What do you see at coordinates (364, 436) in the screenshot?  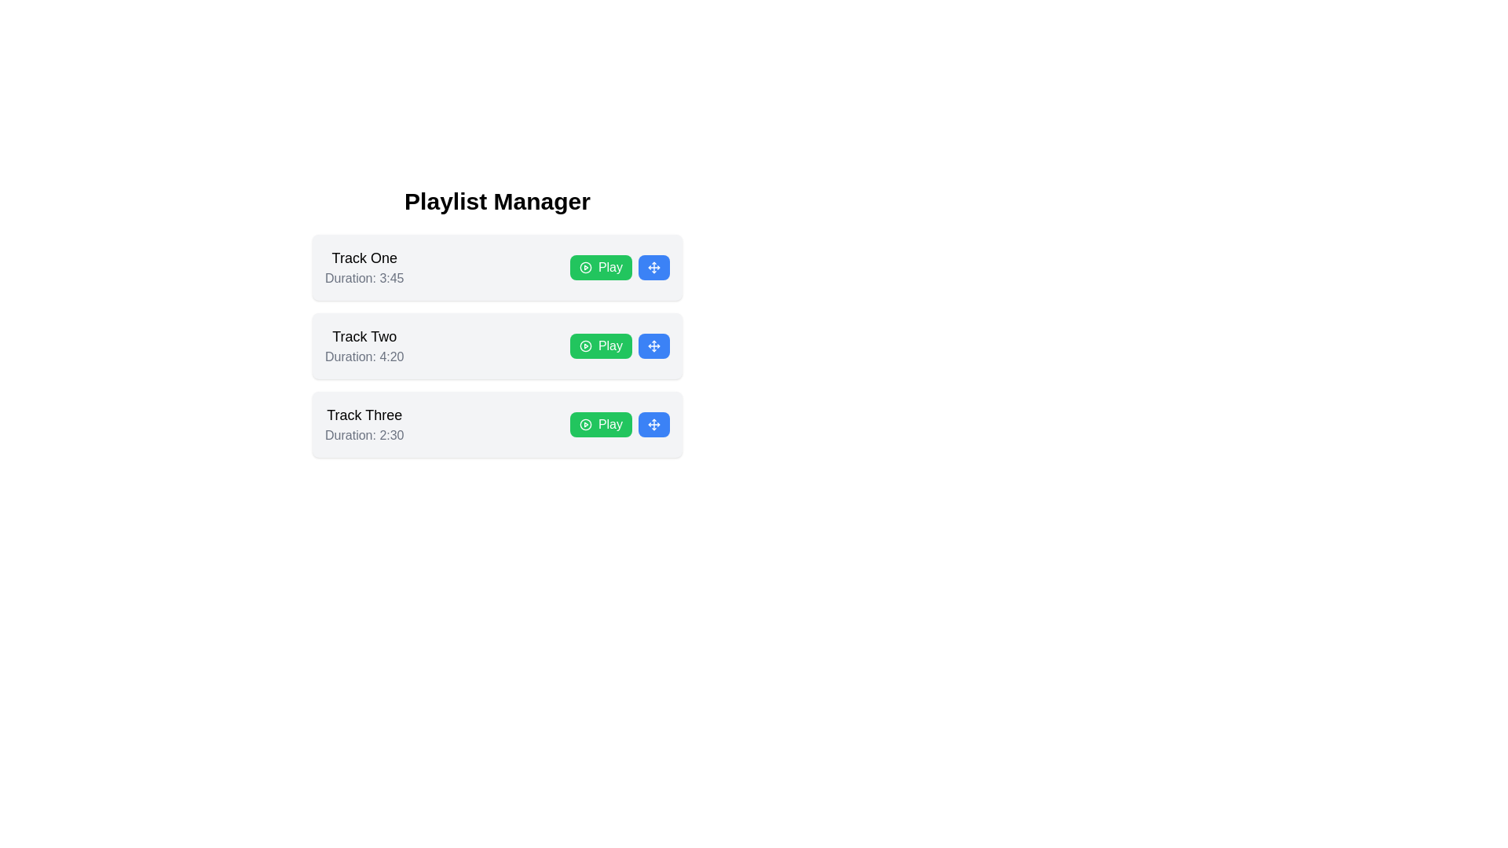 I see `the text label displaying 'Duration: 2:30' located below 'Track Three' in the third track section of the playlist display` at bounding box center [364, 436].